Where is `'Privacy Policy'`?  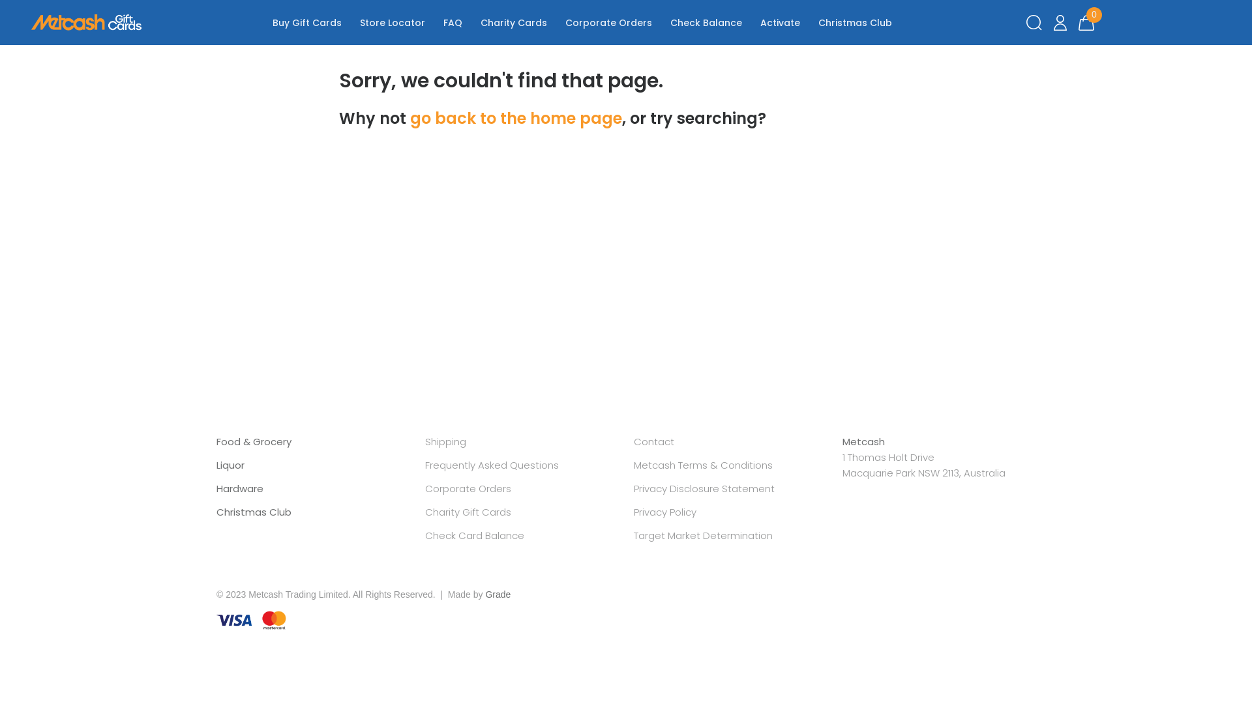 'Privacy Policy' is located at coordinates (664, 511).